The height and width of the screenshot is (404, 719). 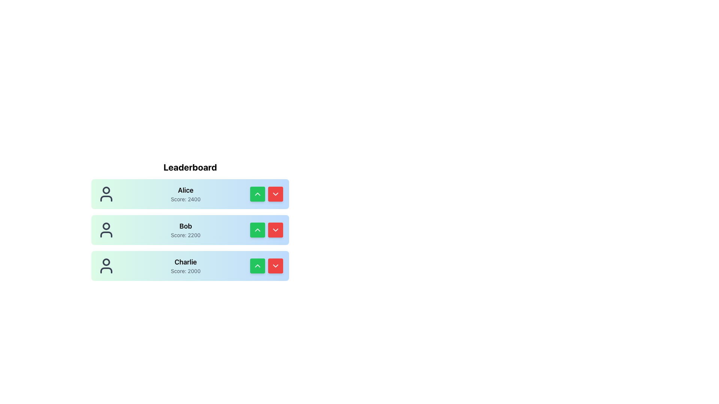 I want to click on the text element displaying the user's name 'Bob' in the leaderboard, which is located in the second row of the leaderboard section, so click(x=185, y=226).